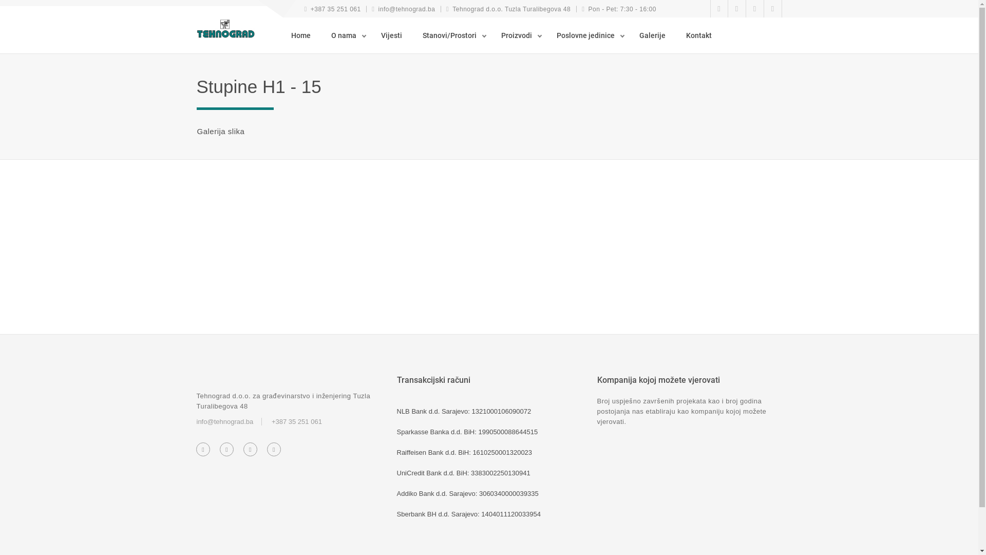 The width and height of the screenshot is (986, 555). Describe the element at coordinates (348, 35) in the screenshot. I see `'O nama'` at that location.